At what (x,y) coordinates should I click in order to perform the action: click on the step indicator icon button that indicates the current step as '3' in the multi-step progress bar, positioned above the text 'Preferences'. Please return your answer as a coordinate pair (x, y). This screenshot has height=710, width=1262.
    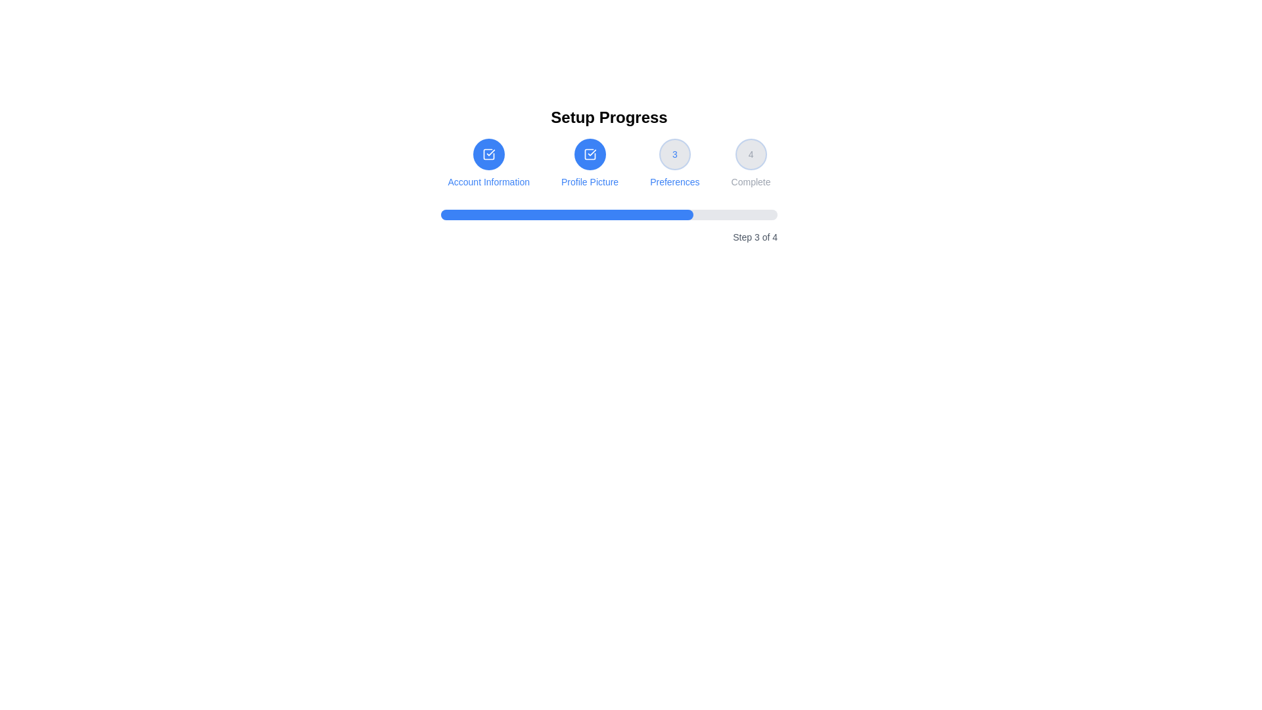
    Looking at the image, I should click on (674, 154).